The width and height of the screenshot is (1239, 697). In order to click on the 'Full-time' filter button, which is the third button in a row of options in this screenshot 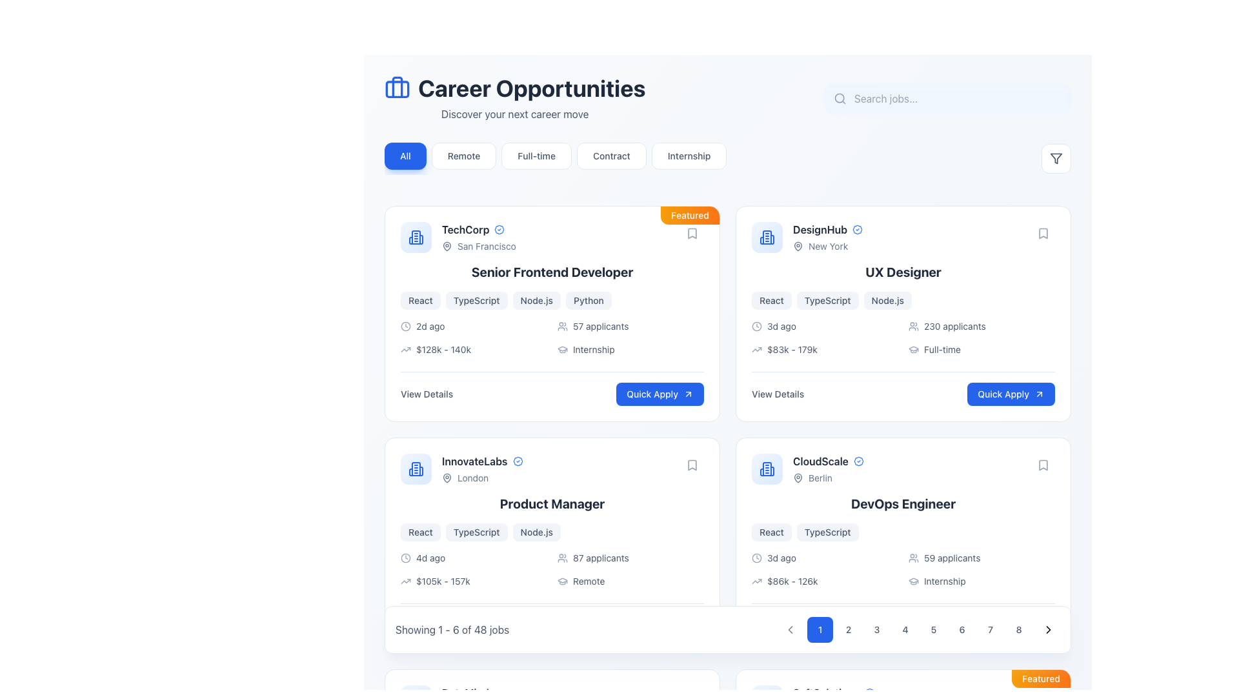, I will do `click(536, 156)`.